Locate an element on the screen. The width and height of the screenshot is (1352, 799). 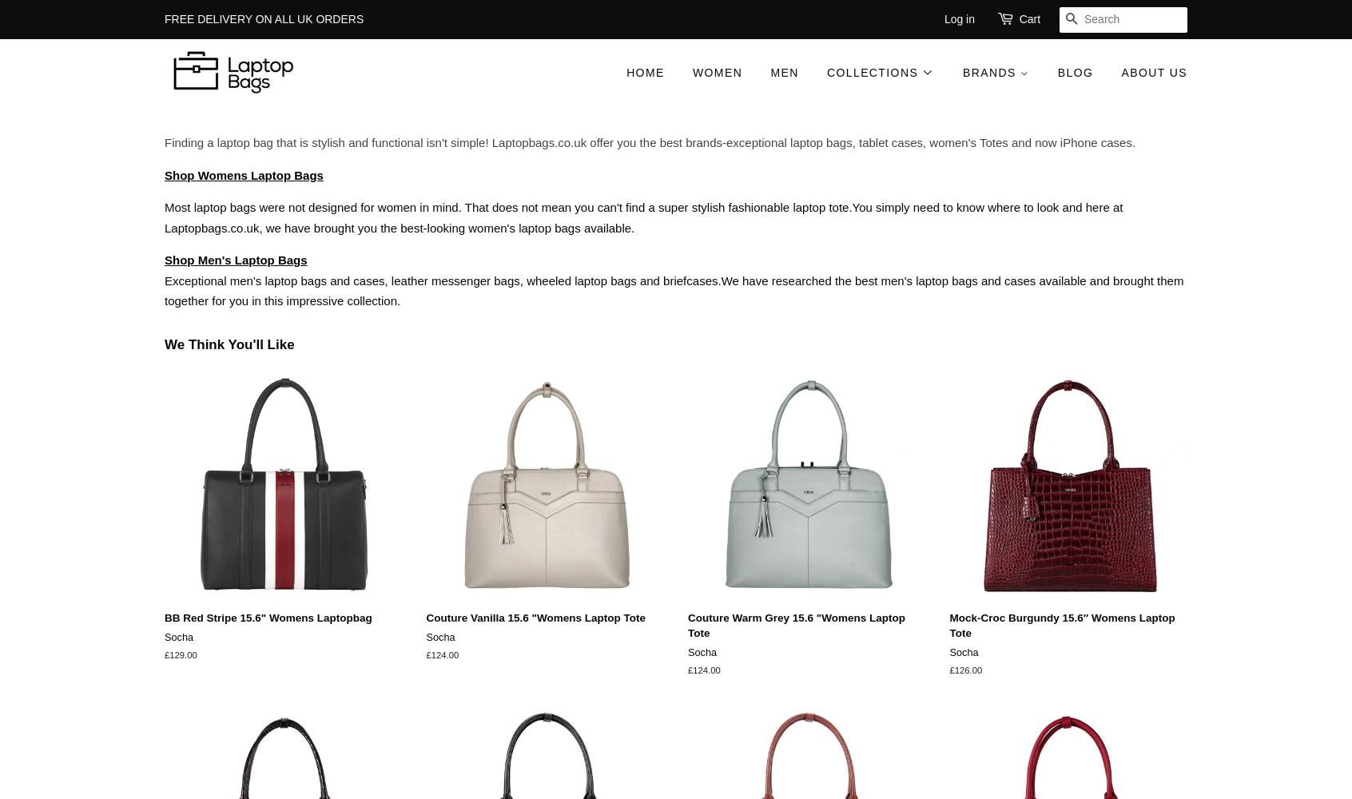
'Brands' is located at coordinates (992, 72).